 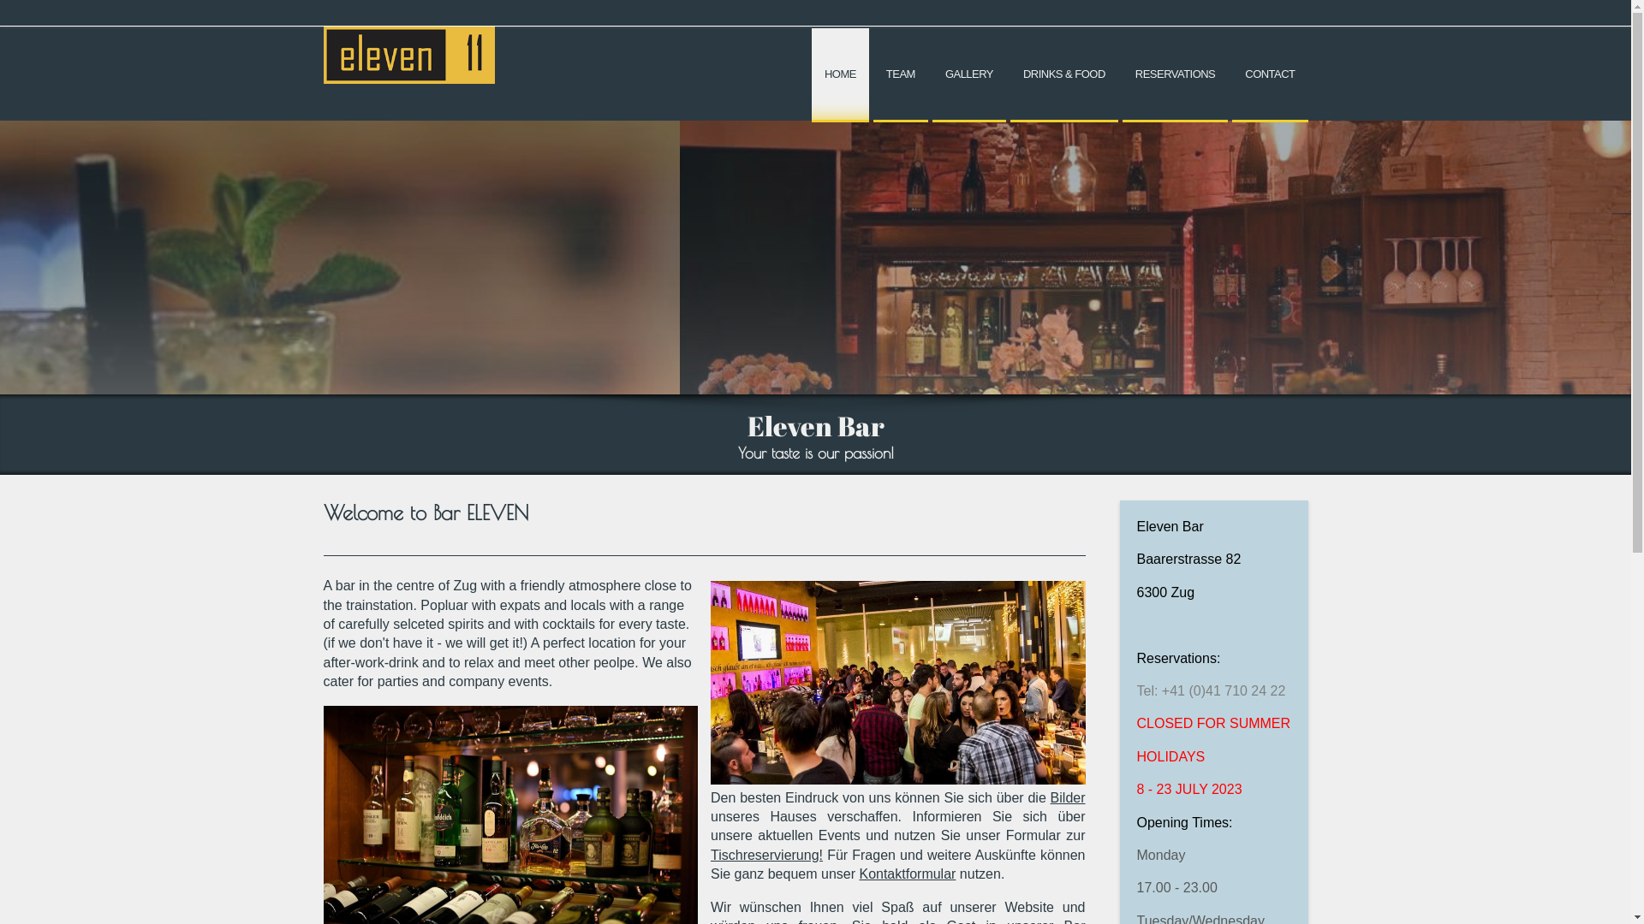 I want to click on 'DRINKS & FOOD', so click(x=1063, y=74).